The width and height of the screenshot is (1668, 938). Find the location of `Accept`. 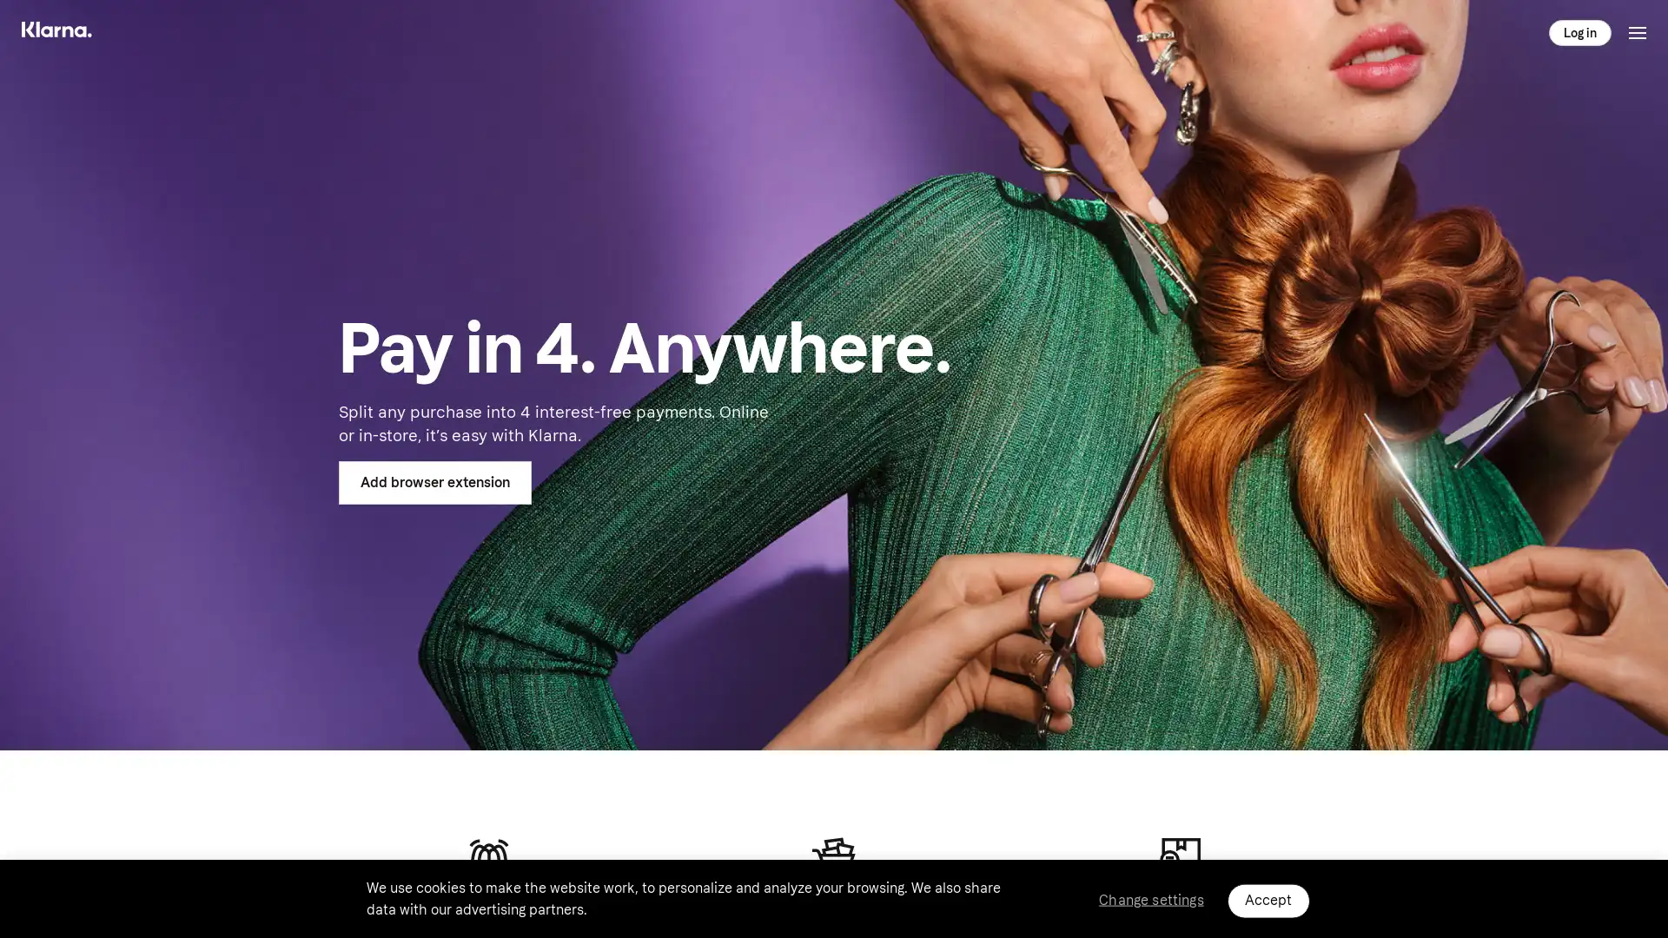

Accept is located at coordinates (1268, 900).